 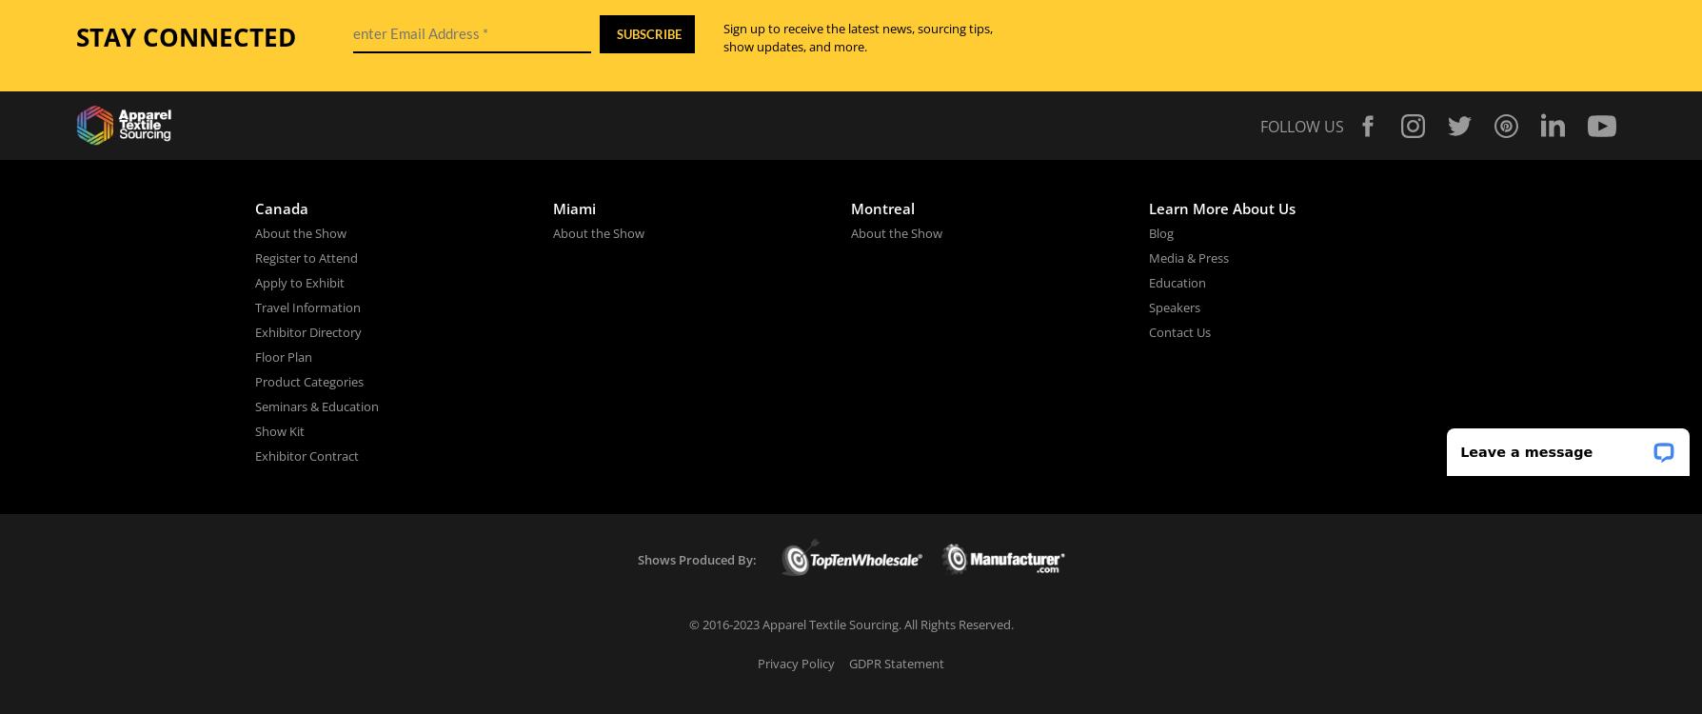 What do you see at coordinates (881, 207) in the screenshot?
I see `'Montreal'` at bounding box center [881, 207].